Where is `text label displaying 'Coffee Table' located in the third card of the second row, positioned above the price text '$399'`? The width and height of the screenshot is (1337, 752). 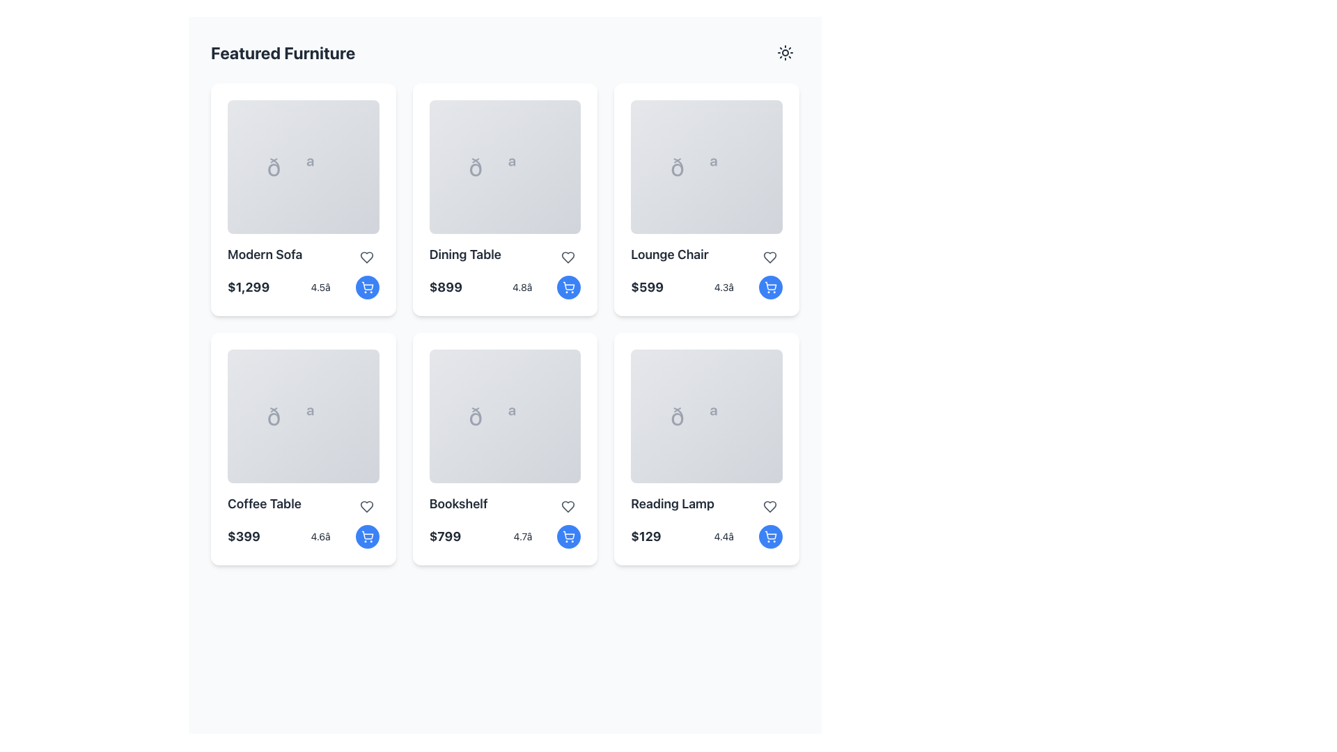
text label displaying 'Coffee Table' located in the third card of the second row, positioned above the price text '$399' is located at coordinates (264, 504).